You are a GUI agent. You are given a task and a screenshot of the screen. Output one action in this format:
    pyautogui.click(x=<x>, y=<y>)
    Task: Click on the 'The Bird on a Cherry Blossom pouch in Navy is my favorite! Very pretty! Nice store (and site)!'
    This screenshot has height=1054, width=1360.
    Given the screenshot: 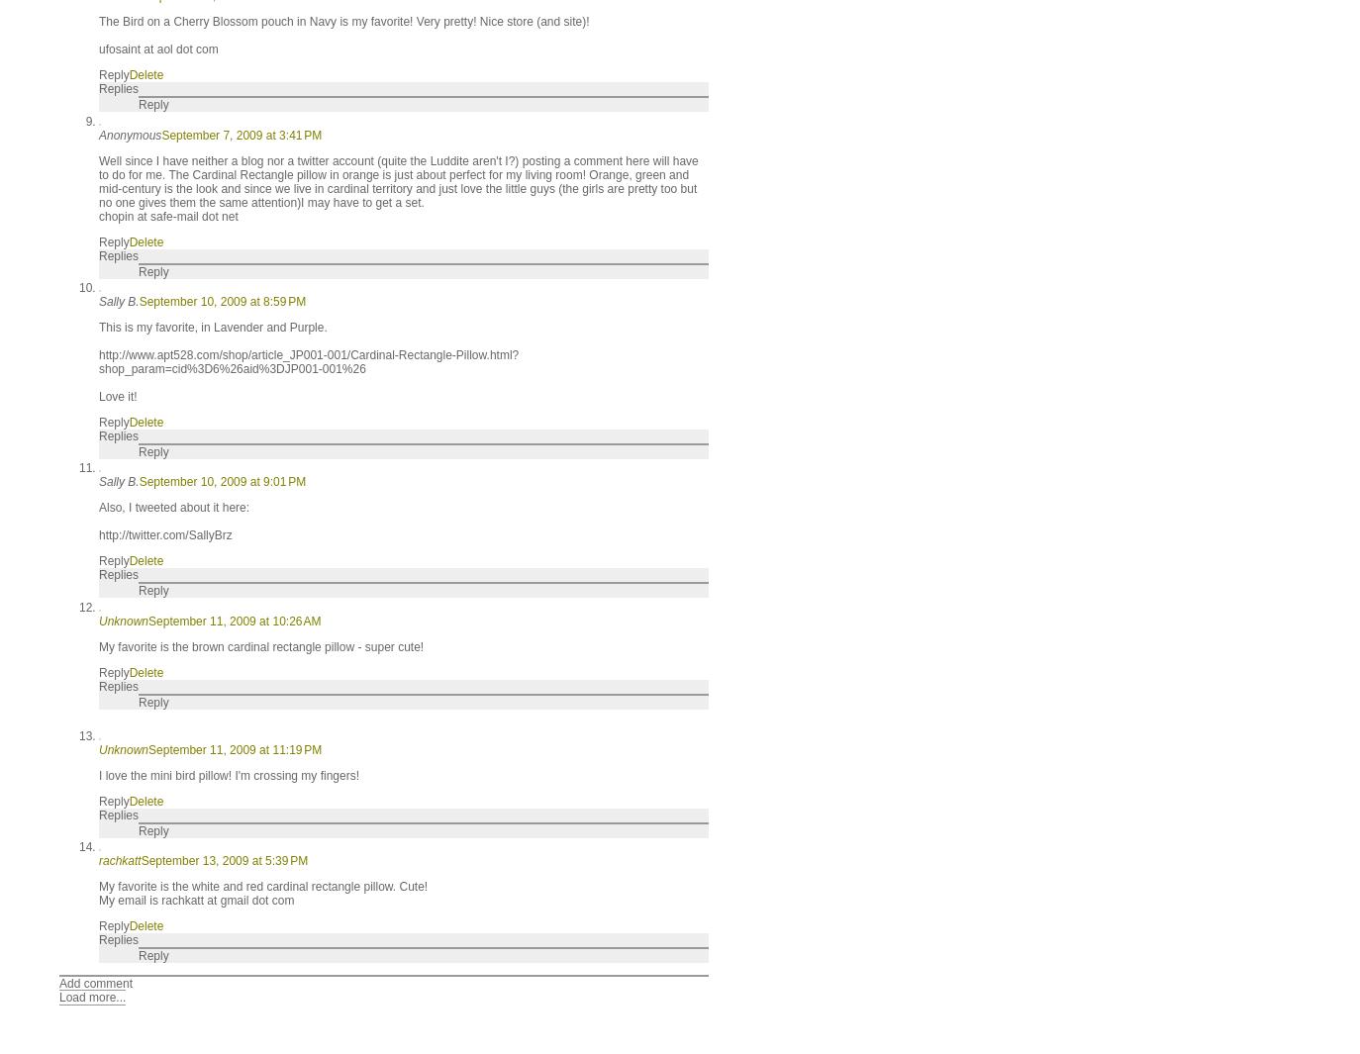 What is the action you would take?
    pyautogui.click(x=343, y=21)
    